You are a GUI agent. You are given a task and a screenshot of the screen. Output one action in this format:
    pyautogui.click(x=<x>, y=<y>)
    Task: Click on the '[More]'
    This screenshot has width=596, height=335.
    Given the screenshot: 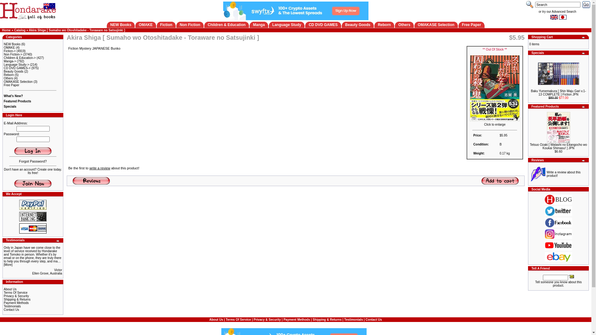 What is the action you would take?
    pyautogui.click(x=8, y=265)
    